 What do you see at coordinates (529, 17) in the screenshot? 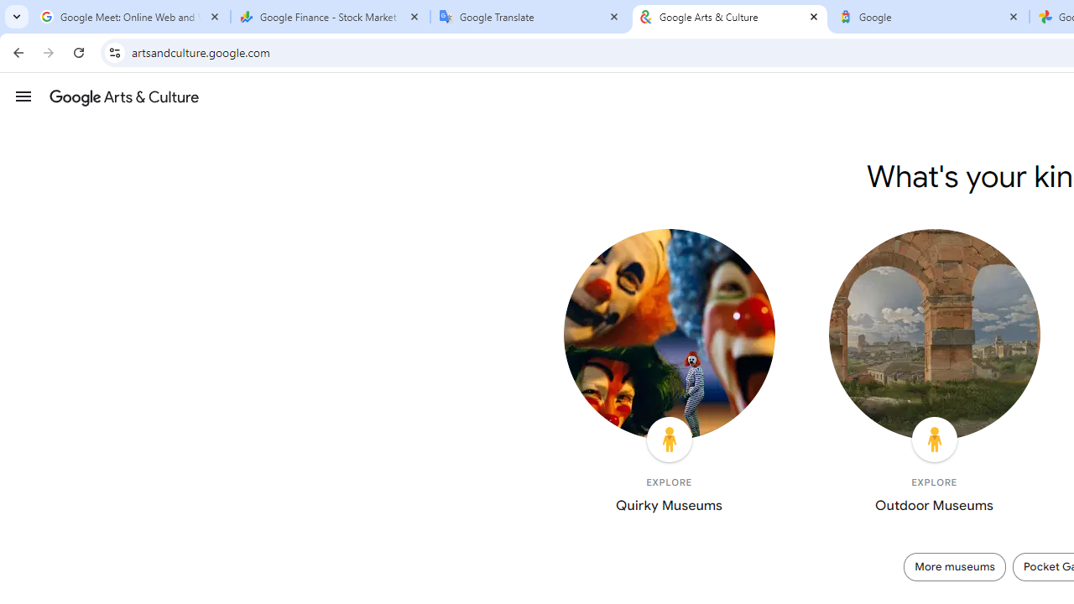
I see `'Google Translate'` at bounding box center [529, 17].